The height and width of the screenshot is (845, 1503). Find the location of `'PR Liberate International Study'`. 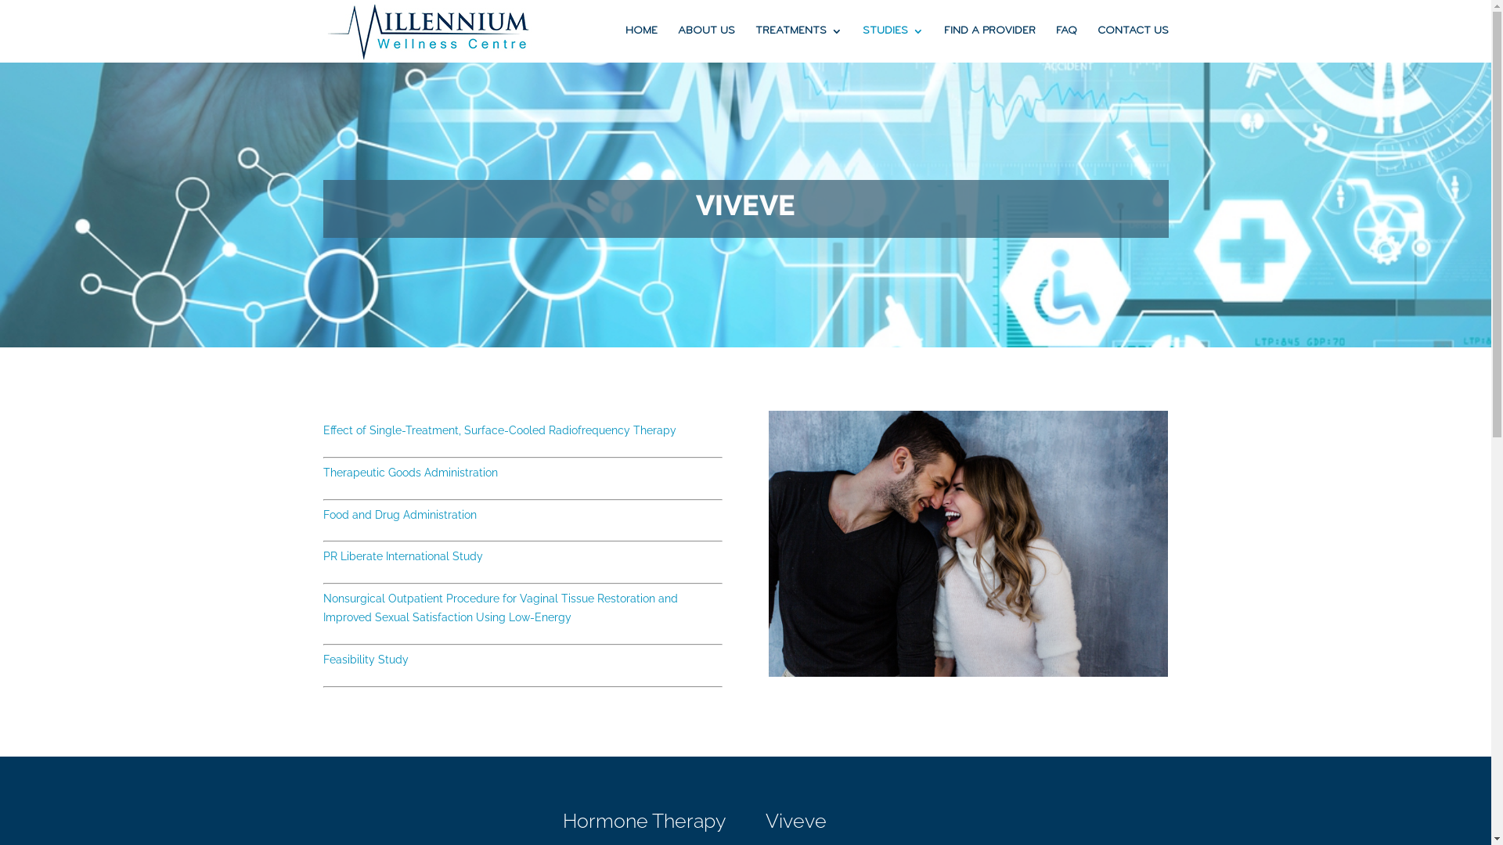

'PR Liberate International Study' is located at coordinates (402, 555).